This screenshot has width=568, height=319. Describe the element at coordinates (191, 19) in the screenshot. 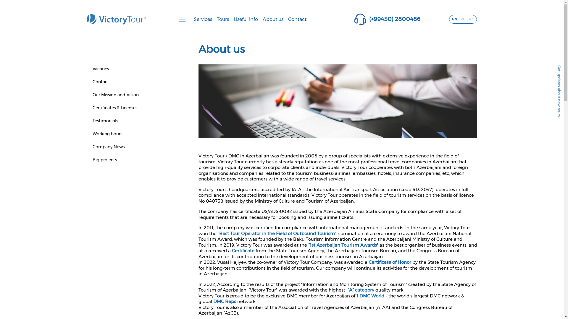

I see `'Services'` at that location.